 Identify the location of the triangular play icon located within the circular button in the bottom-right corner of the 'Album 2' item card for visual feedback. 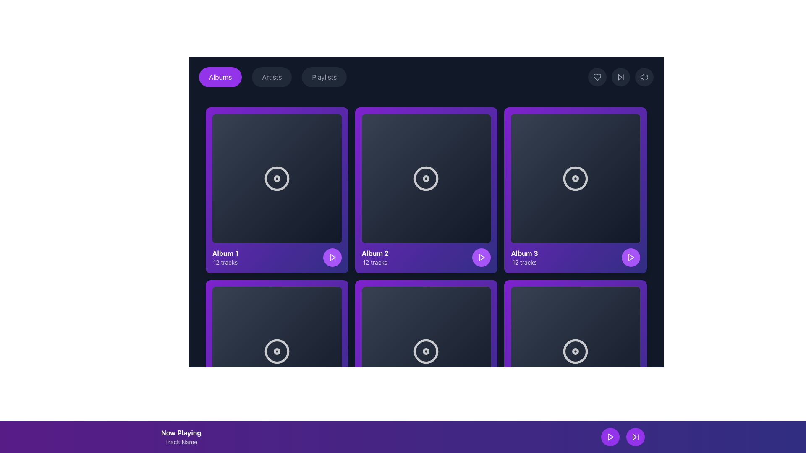
(482, 257).